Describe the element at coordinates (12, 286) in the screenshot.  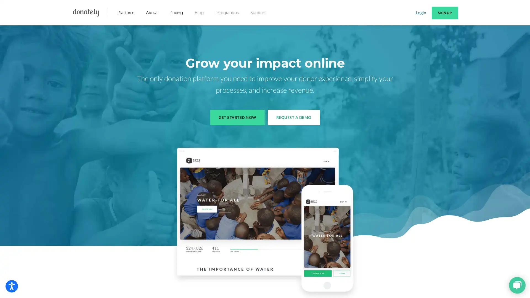
I see `Open accessibility options, statement and help` at that location.